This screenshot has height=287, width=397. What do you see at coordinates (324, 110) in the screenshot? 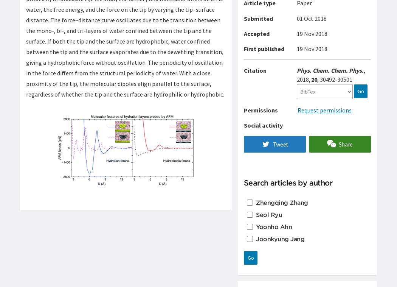
I see `'Request permissions'` at bounding box center [324, 110].